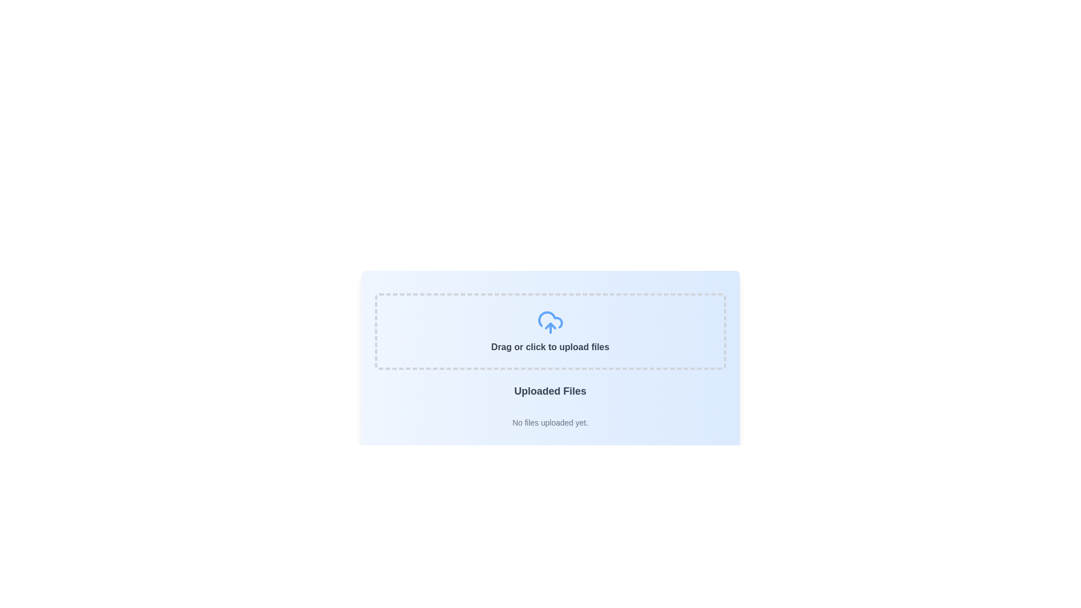 Image resolution: width=1081 pixels, height=608 pixels. I want to click on the File upload area element, which is identified by its dashed rectangular border, cloud icon at the top center, and the text label stating 'Drag or click to upload files', so click(550, 331).